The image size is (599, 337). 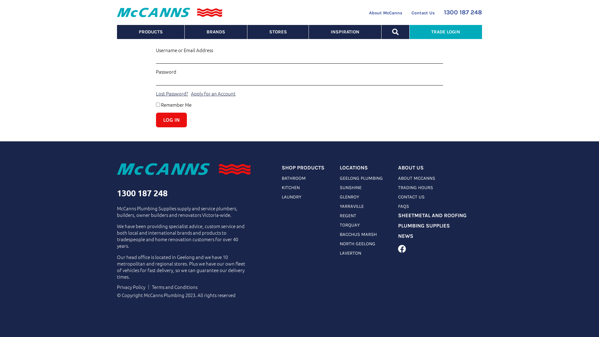 What do you see at coordinates (348, 215) in the screenshot?
I see `'REGENT'` at bounding box center [348, 215].